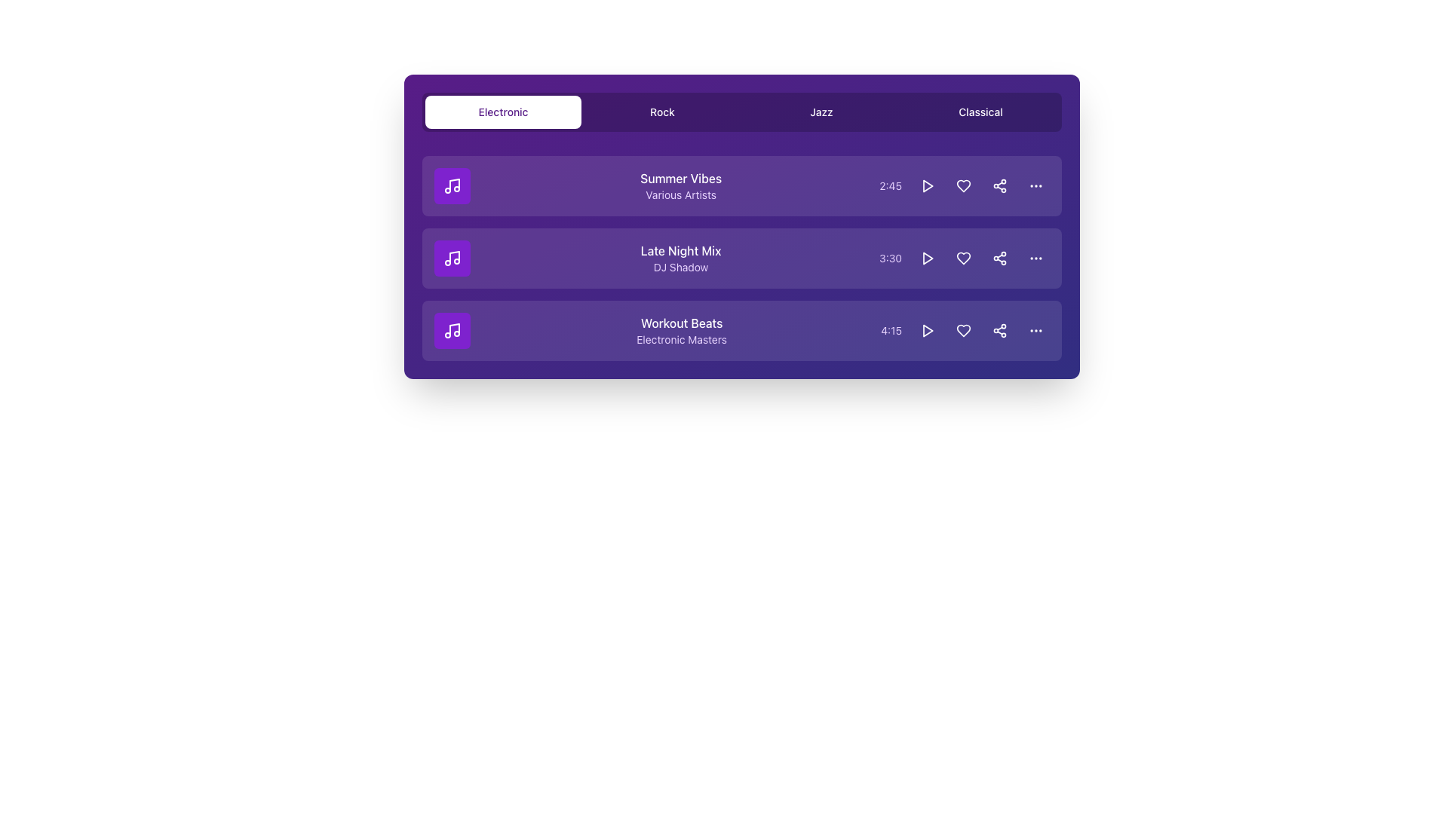 This screenshot has width=1448, height=814. I want to click on the fifth button in the horizontal group of buttons that displays additional options for the song 'Late Night Mix', so click(1035, 258).